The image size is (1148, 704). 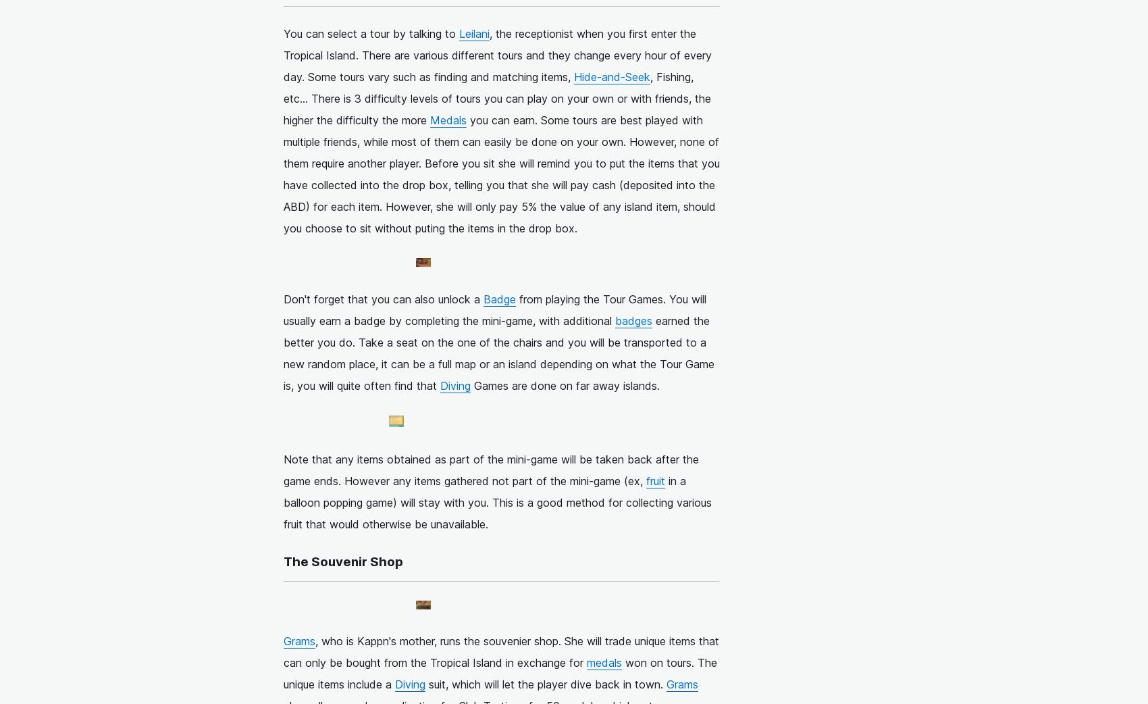 I want to click on 'in a balloon popping game) will stay with you. This is a good method for collecting various fruit that would otherwise be unavailable.', so click(x=497, y=501).